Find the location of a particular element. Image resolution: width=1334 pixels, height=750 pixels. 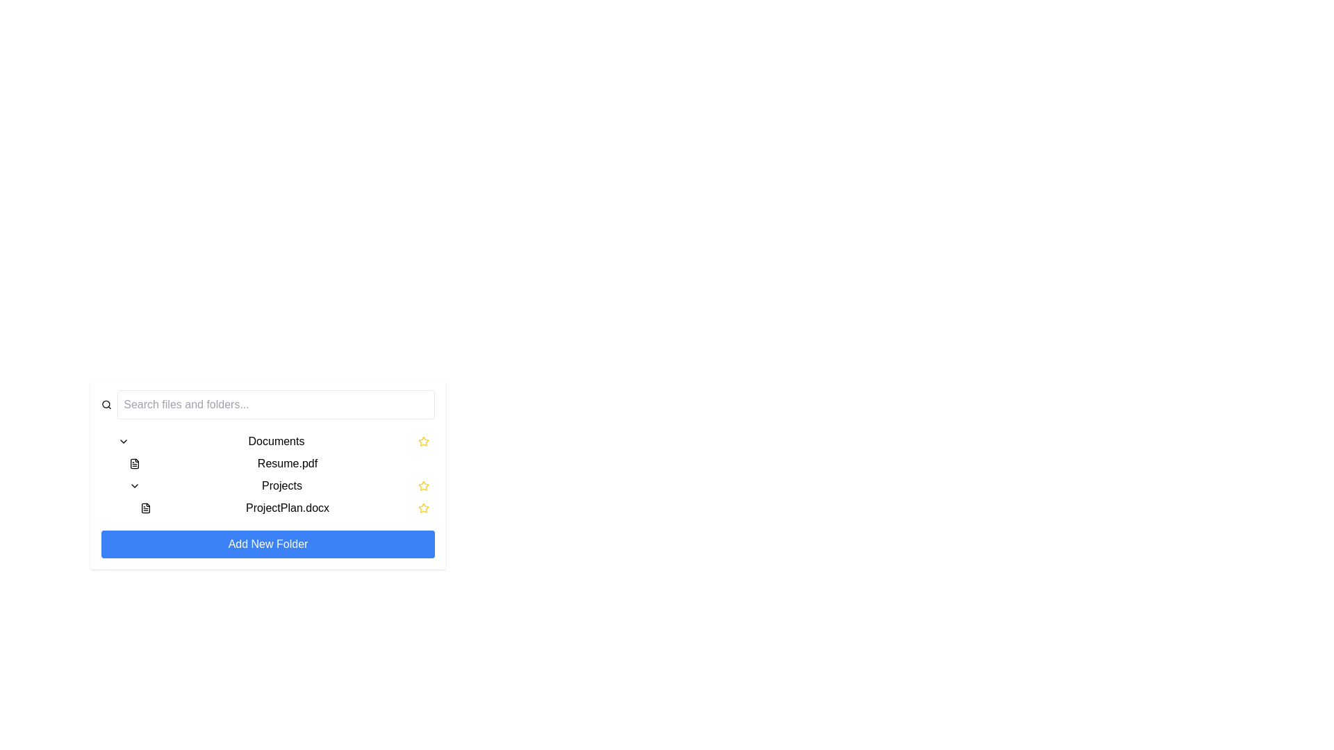

the SVG icon located to the left of the 'Documents' label is located at coordinates (123, 442).